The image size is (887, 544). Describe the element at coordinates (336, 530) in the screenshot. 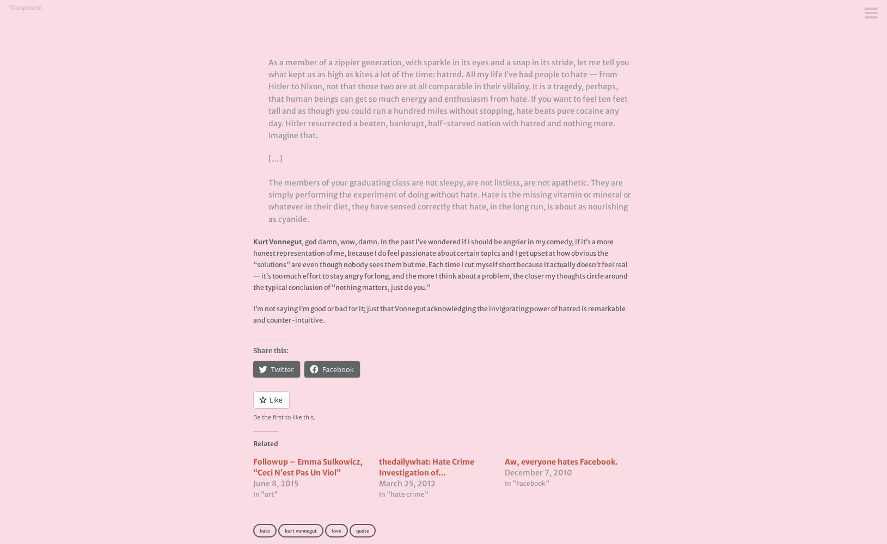

I see `'love'` at that location.